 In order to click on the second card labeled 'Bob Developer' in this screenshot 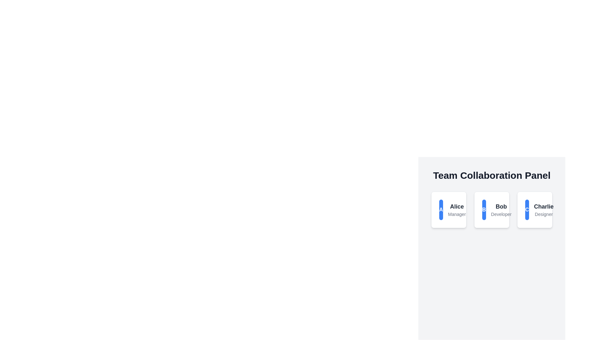, I will do `click(491, 210)`.